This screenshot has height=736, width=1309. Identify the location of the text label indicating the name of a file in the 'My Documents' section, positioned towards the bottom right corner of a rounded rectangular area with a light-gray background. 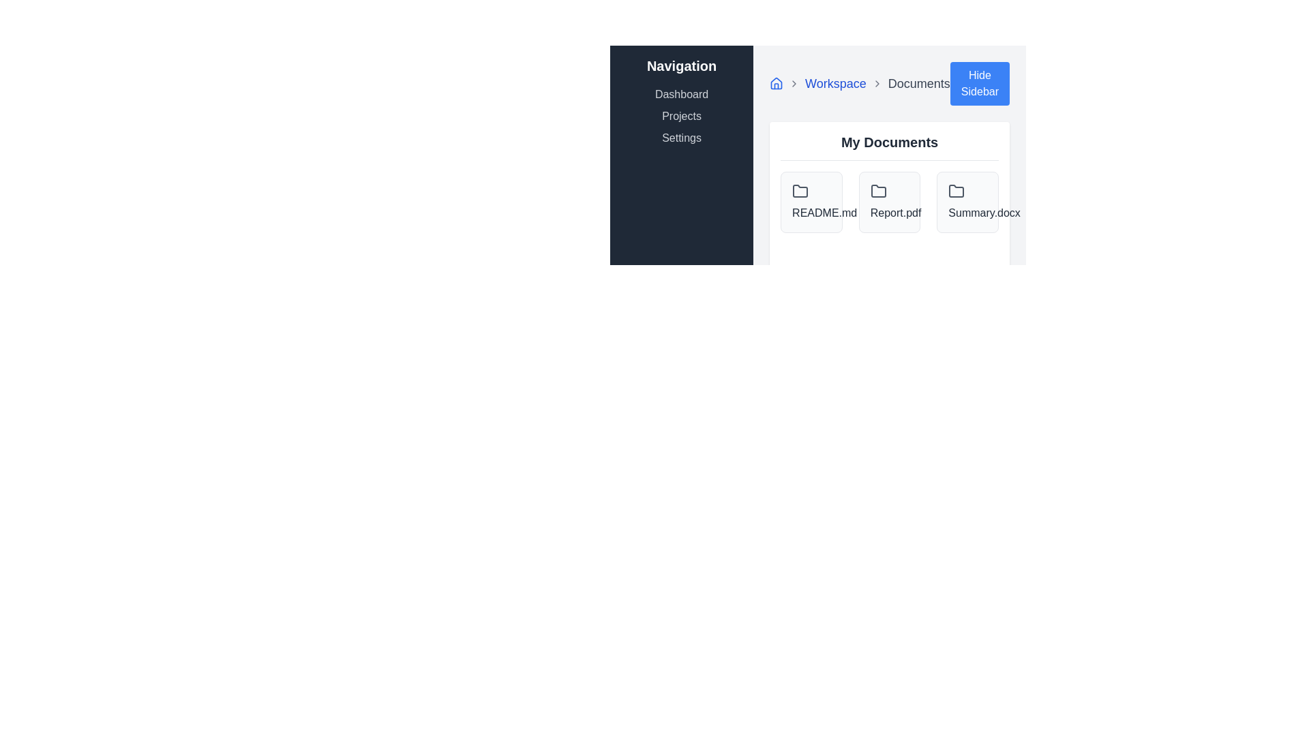
(967, 213).